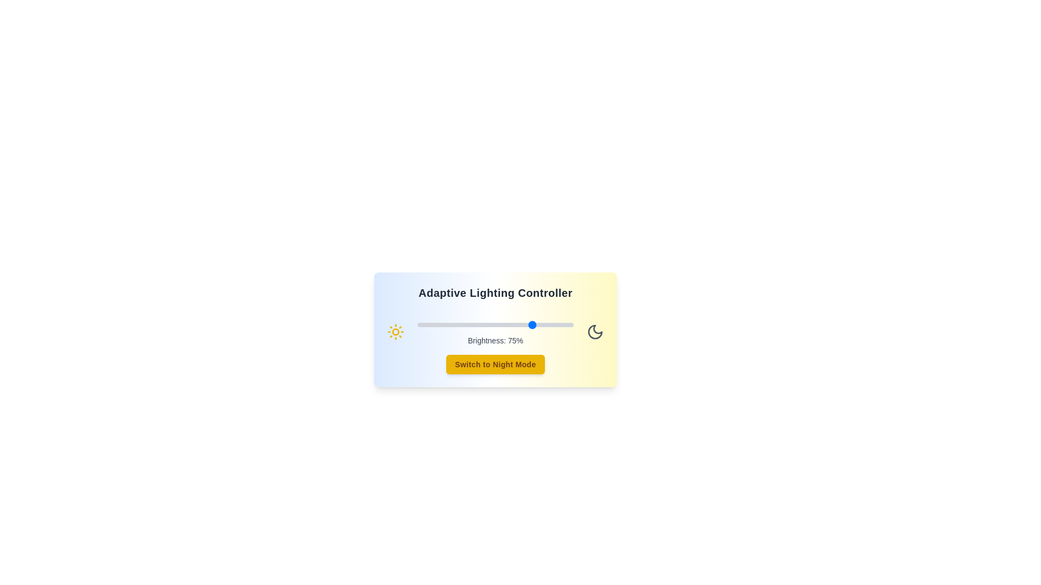  Describe the element at coordinates (565, 324) in the screenshot. I see `the brightness level` at that location.